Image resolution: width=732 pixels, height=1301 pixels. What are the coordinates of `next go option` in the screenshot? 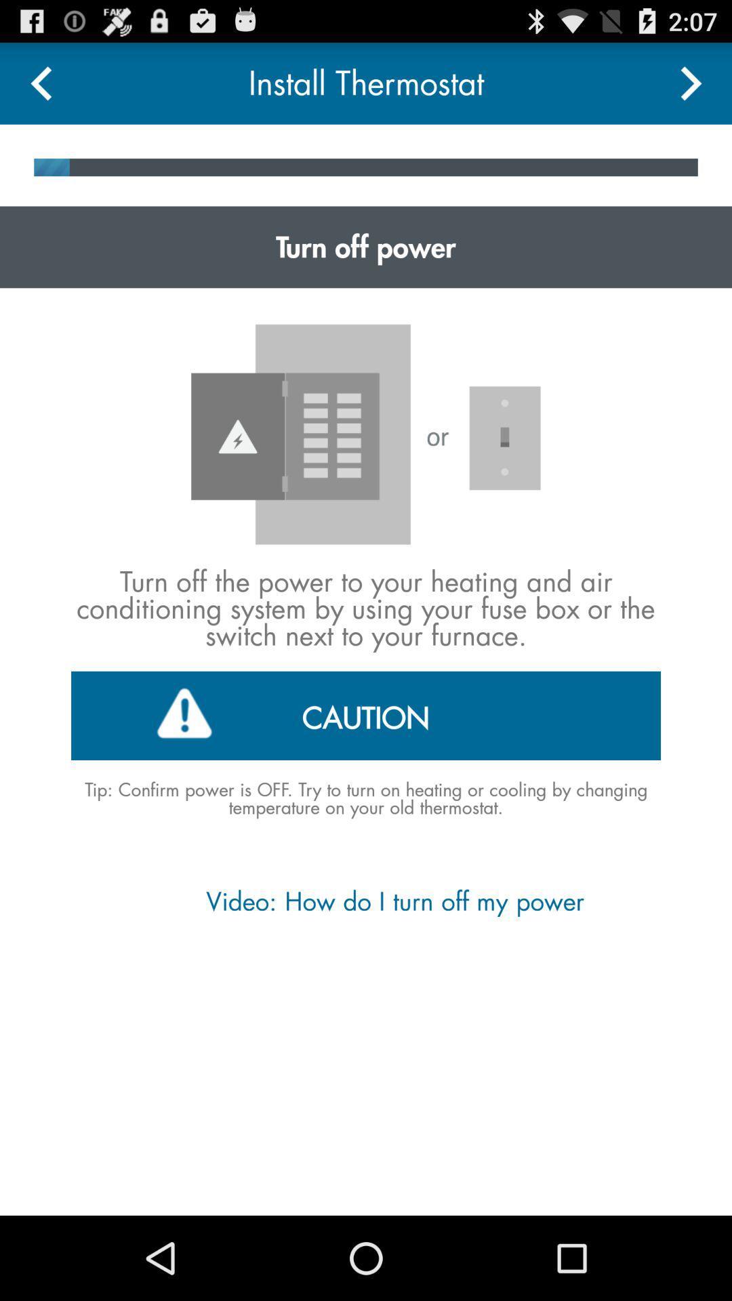 It's located at (691, 83).